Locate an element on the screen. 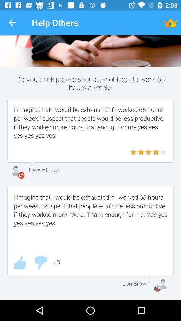  dislike the comment is located at coordinates (41, 262).